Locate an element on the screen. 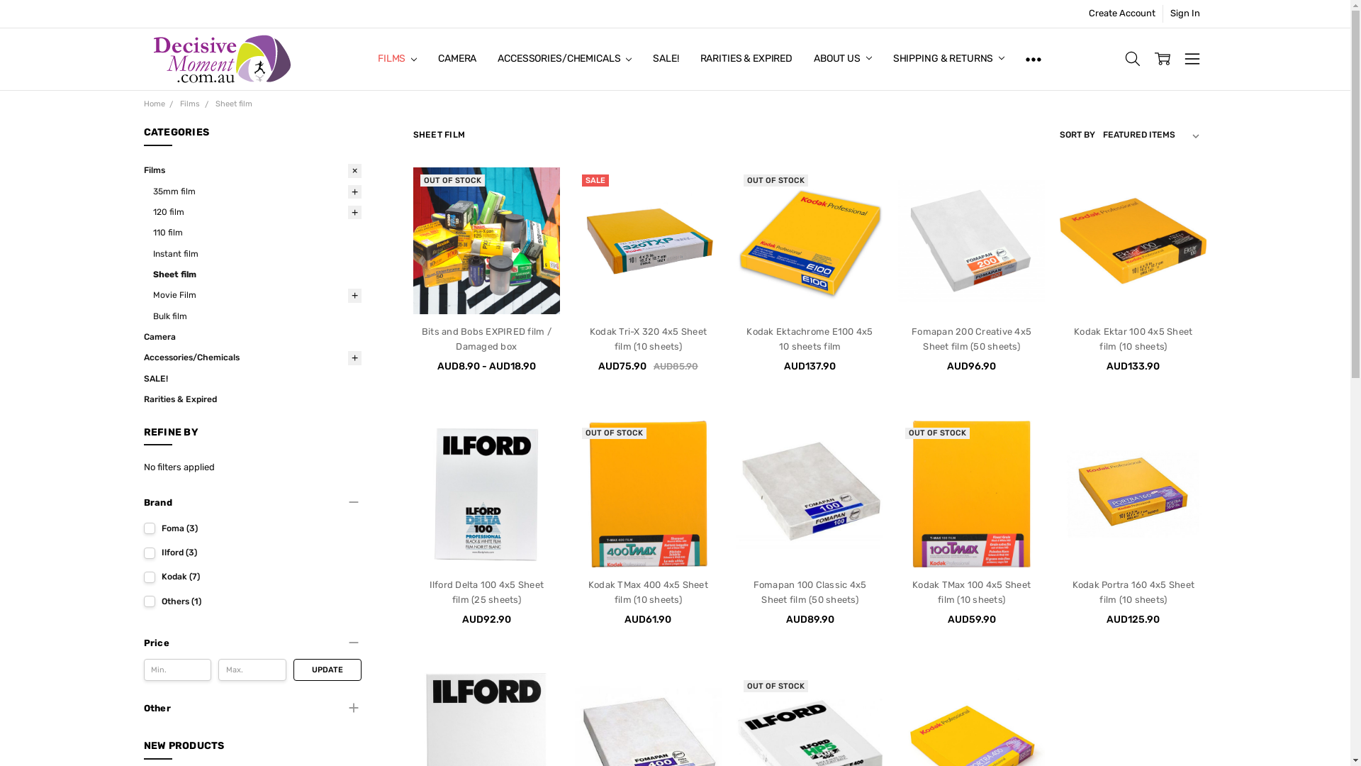 The height and width of the screenshot is (766, 1361). 'Bulk film' is located at coordinates (153, 316).